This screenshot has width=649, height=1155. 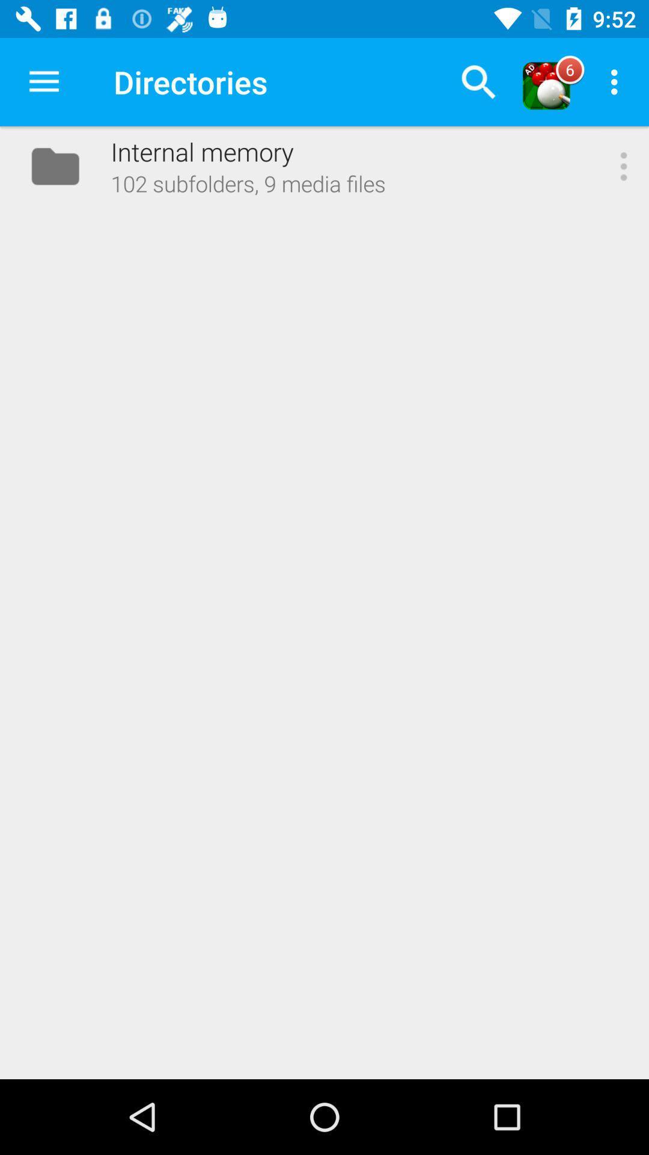 I want to click on the icon to the left of the internal memory, so click(x=43, y=81).